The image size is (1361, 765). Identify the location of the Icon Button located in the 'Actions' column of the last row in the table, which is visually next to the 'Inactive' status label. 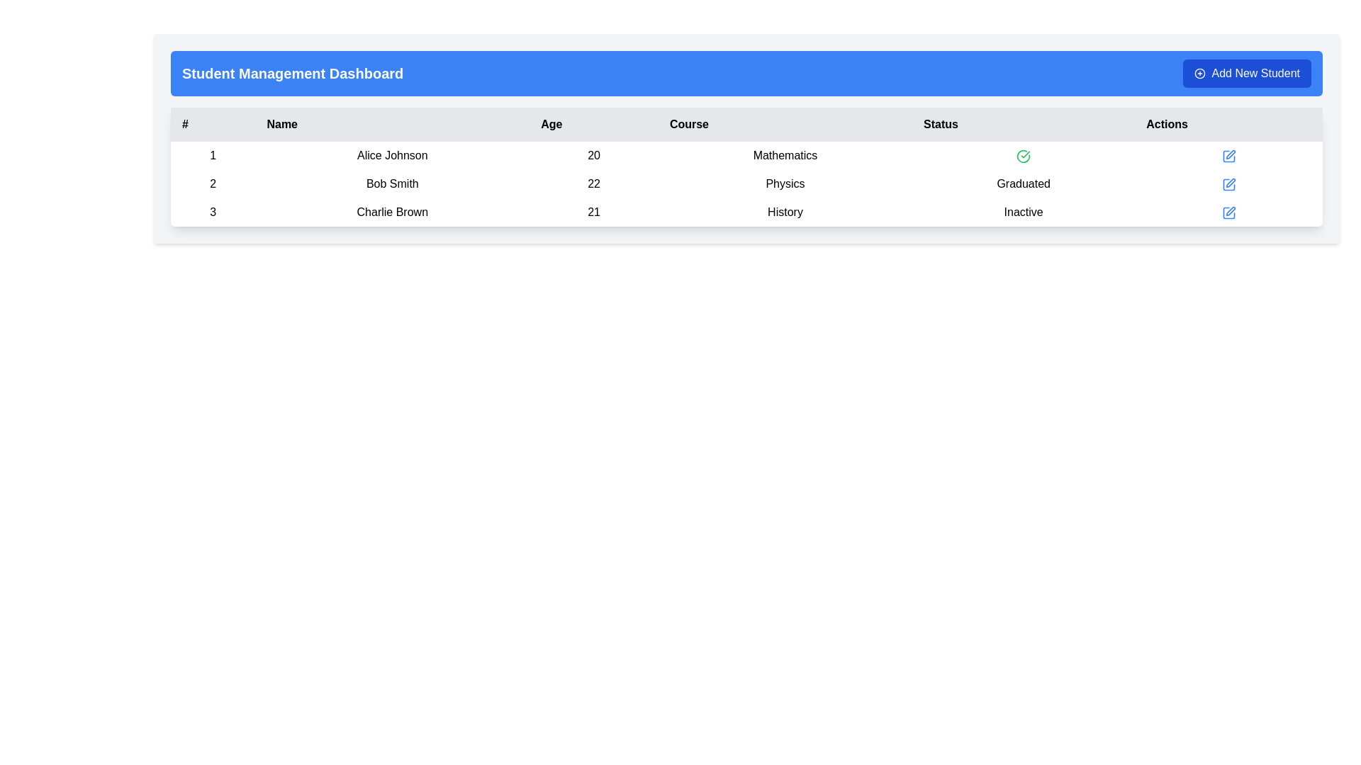
(1228, 212).